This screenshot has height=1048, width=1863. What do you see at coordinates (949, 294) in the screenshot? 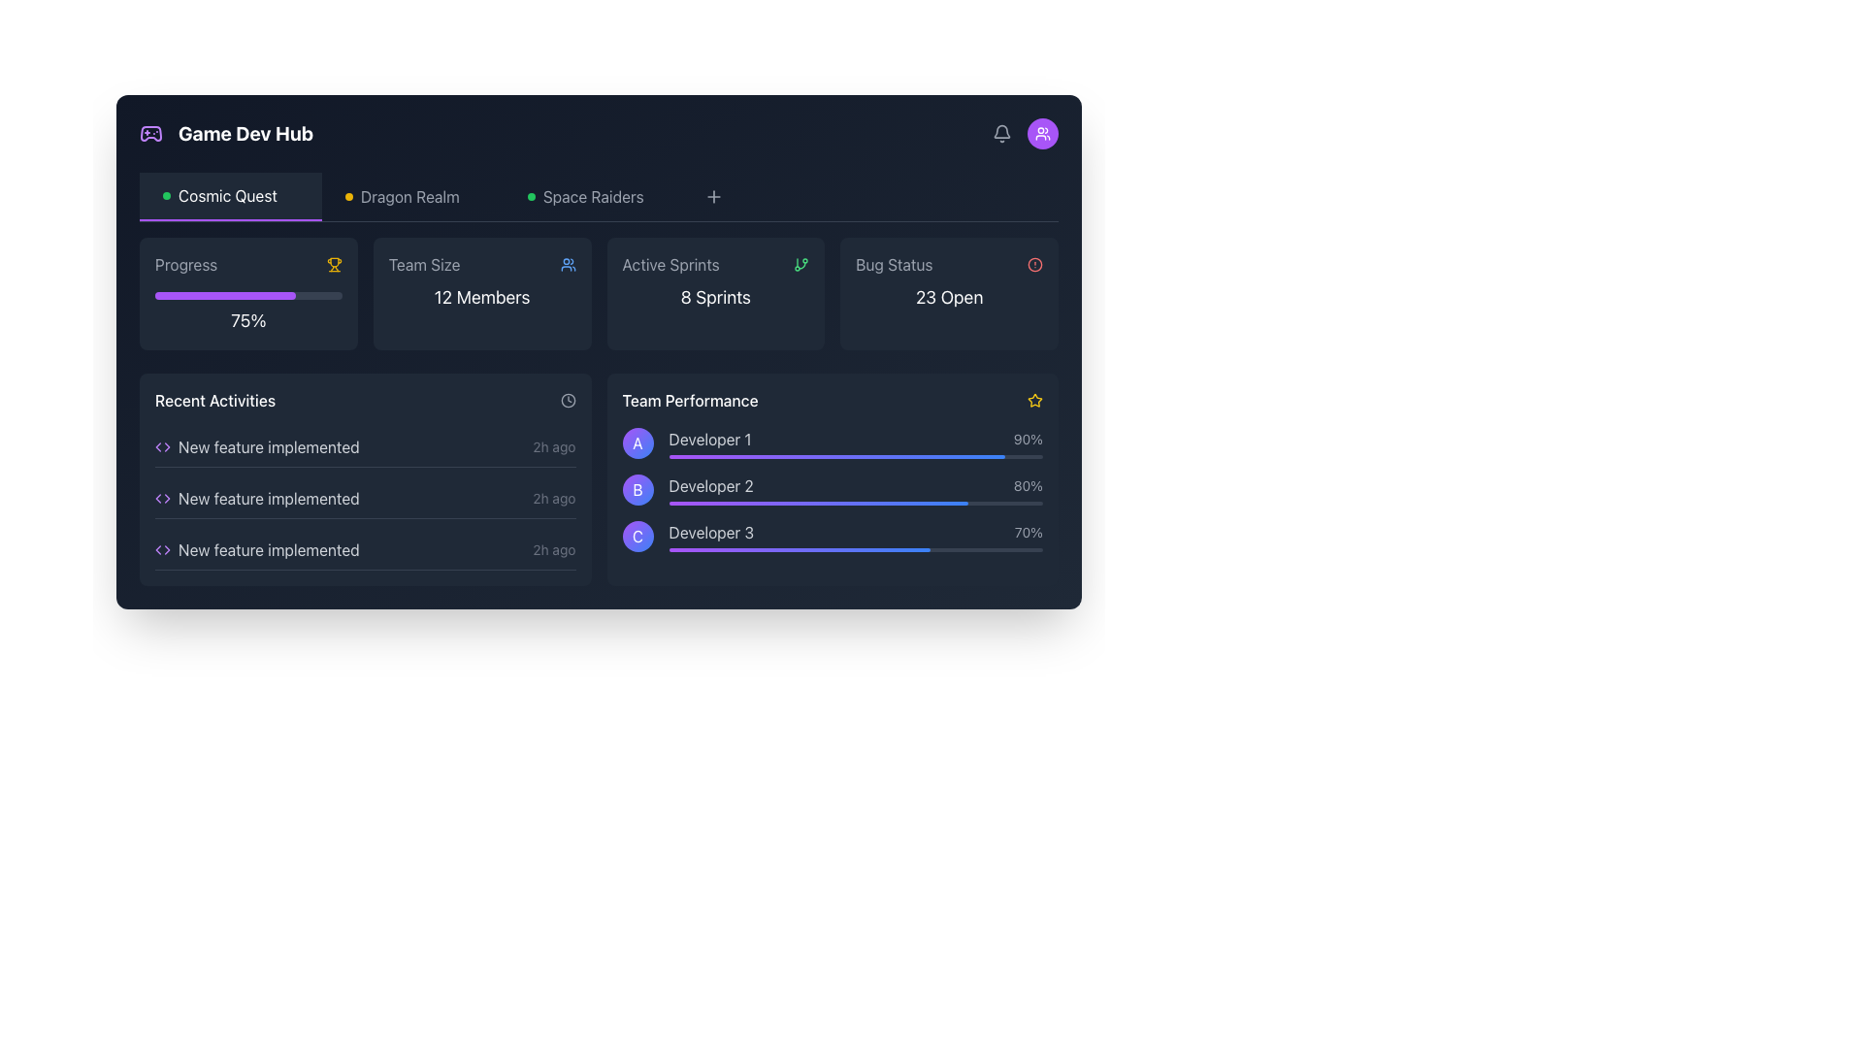
I see `the Information Card titled 'Bug Status' with a dark gray background, which displays '23 Open' in white text and has a red alert icon` at bounding box center [949, 294].